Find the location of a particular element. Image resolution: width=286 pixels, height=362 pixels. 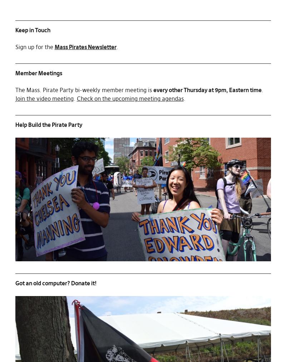

'Join the video meeting' is located at coordinates (44, 99).